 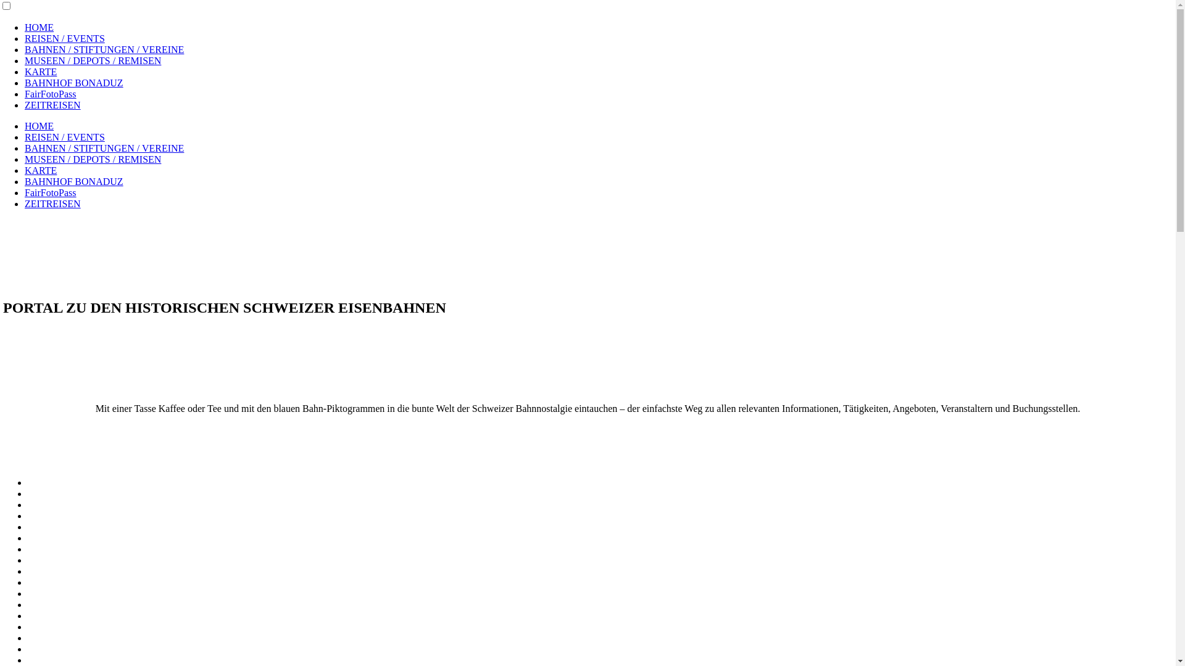 I want to click on 'KARTE', so click(x=24, y=72).